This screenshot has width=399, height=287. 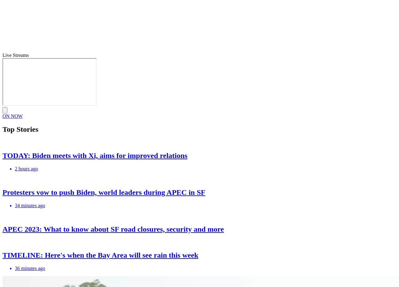 What do you see at coordinates (20, 129) in the screenshot?
I see `'Top Stories'` at bounding box center [20, 129].